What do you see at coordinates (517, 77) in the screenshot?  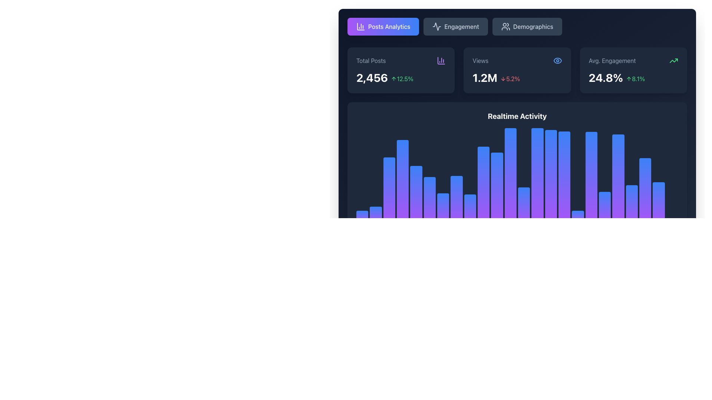 I see `the Text element displaying '1.2M' and '5.2%' with a downward arrow icon, located in the 'Views' box under 'Posts Analytics'` at bounding box center [517, 77].